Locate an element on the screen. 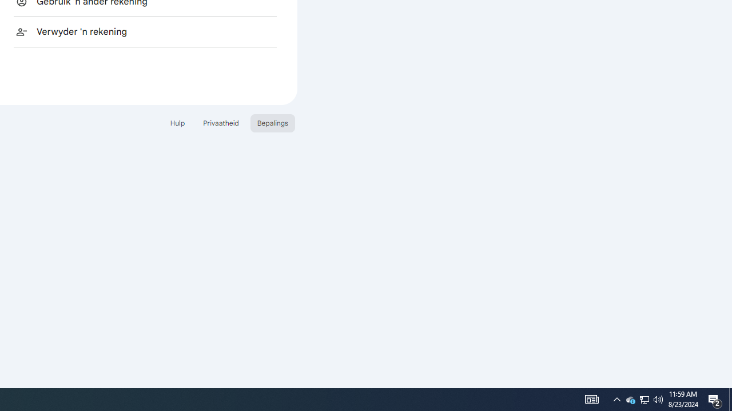 The width and height of the screenshot is (732, 411). 'Hulp' is located at coordinates (177, 123).